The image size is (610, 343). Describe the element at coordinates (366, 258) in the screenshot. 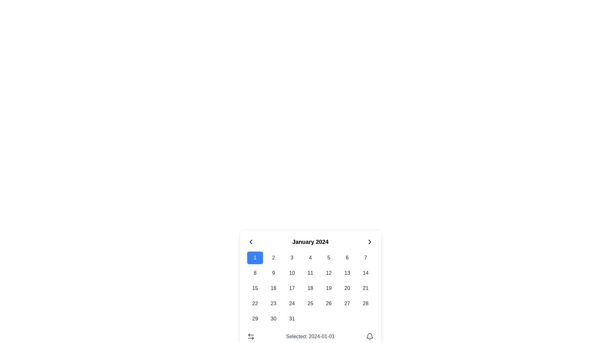

I see `the selectable day button representing the seventh day of the month in the calendar layout` at that location.